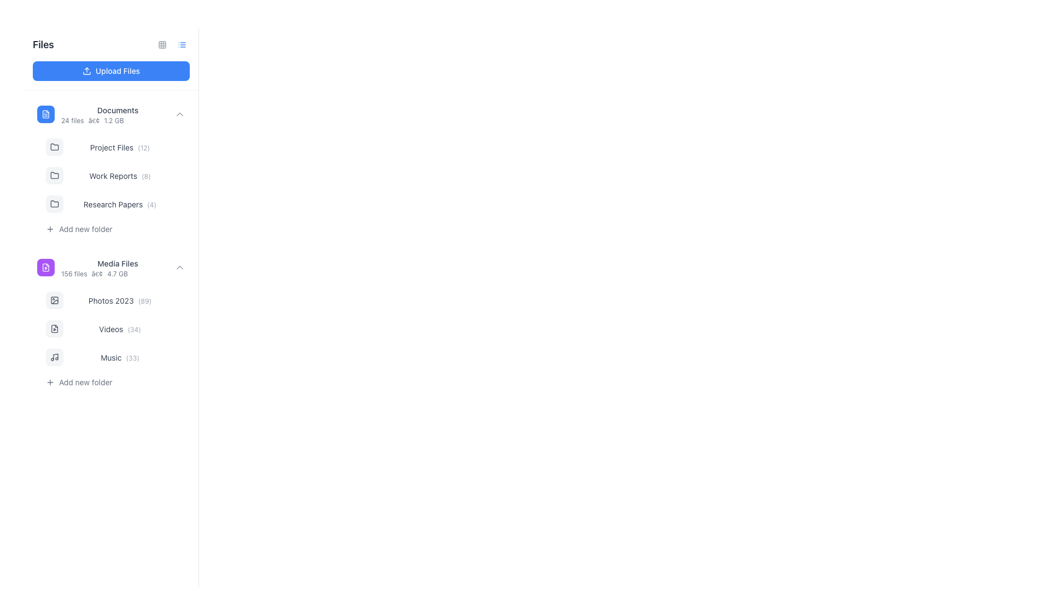 Image resolution: width=1050 pixels, height=591 pixels. I want to click on the 'Photos 2023' text label with the associated count '(89)' in the 'Media Files' folder group, so click(120, 300).